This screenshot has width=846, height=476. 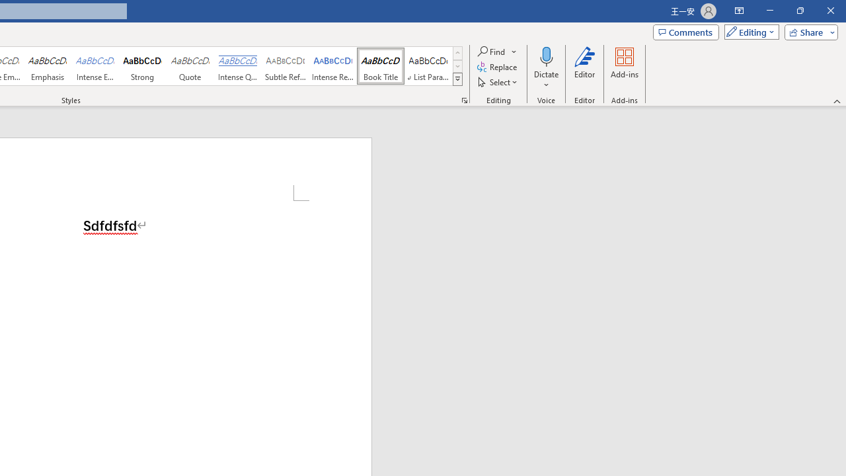 What do you see at coordinates (749, 31) in the screenshot?
I see `'Mode'` at bounding box center [749, 31].